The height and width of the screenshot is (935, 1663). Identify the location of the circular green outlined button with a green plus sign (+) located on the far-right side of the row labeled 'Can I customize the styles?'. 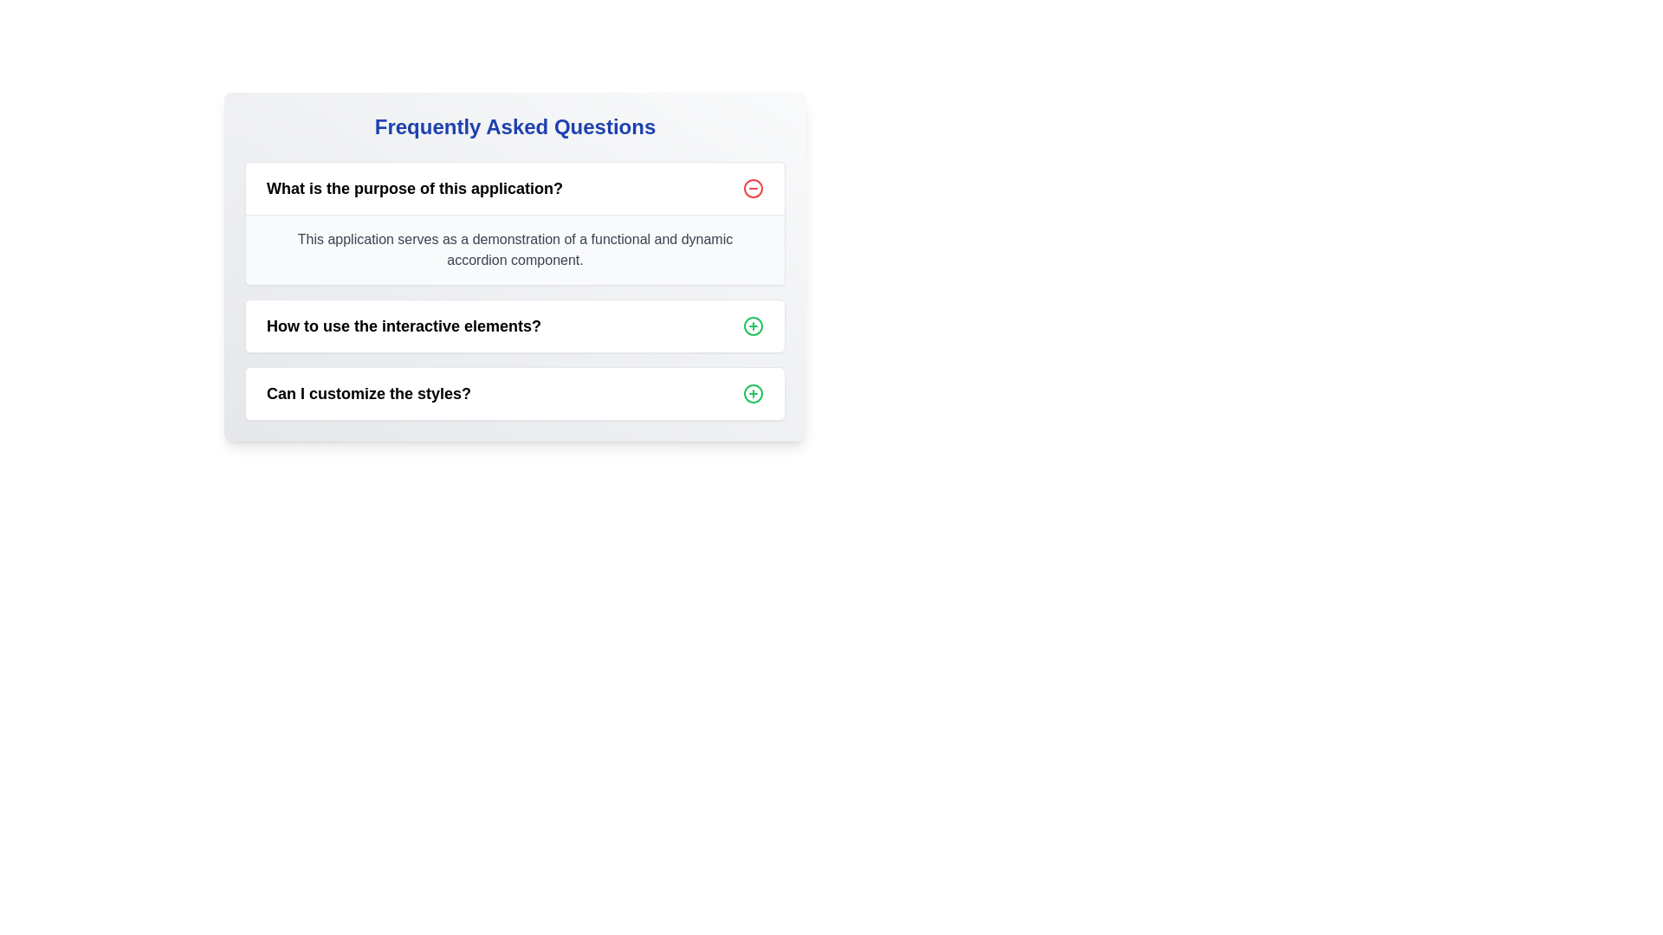
(753, 394).